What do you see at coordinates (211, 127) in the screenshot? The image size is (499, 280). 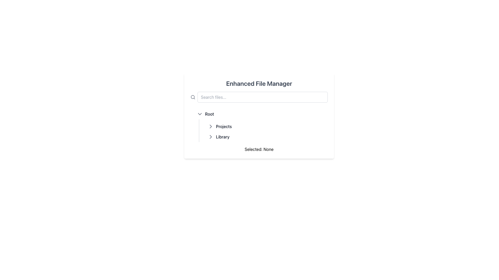 I see `the small rightward-pointing arrow icon in the file manager interface next to the 'Projects' label` at bounding box center [211, 127].